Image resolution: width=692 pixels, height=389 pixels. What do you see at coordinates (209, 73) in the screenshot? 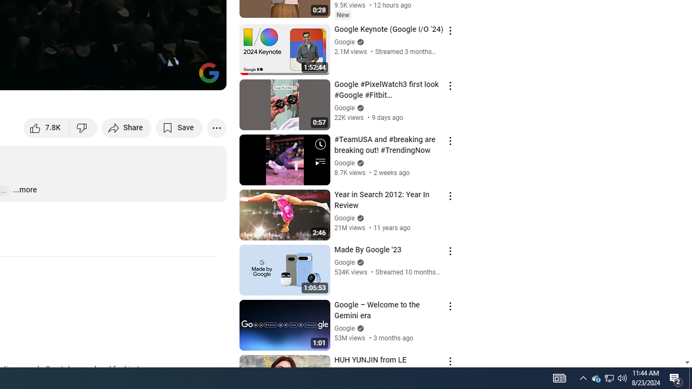
I see `'Channel watermark'` at bounding box center [209, 73].